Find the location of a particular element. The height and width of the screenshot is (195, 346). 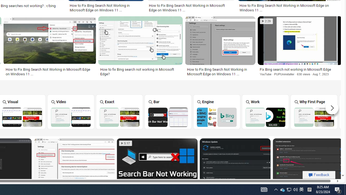

'Why First Page of Bing Search Not Working Why First Page' is located at coordinates (314, 111).